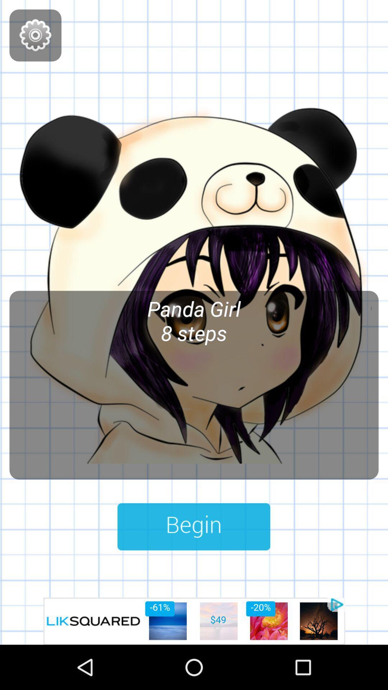  Describe the element at coordinates (193, 526) in the screenshot. I see `start button` at that location.